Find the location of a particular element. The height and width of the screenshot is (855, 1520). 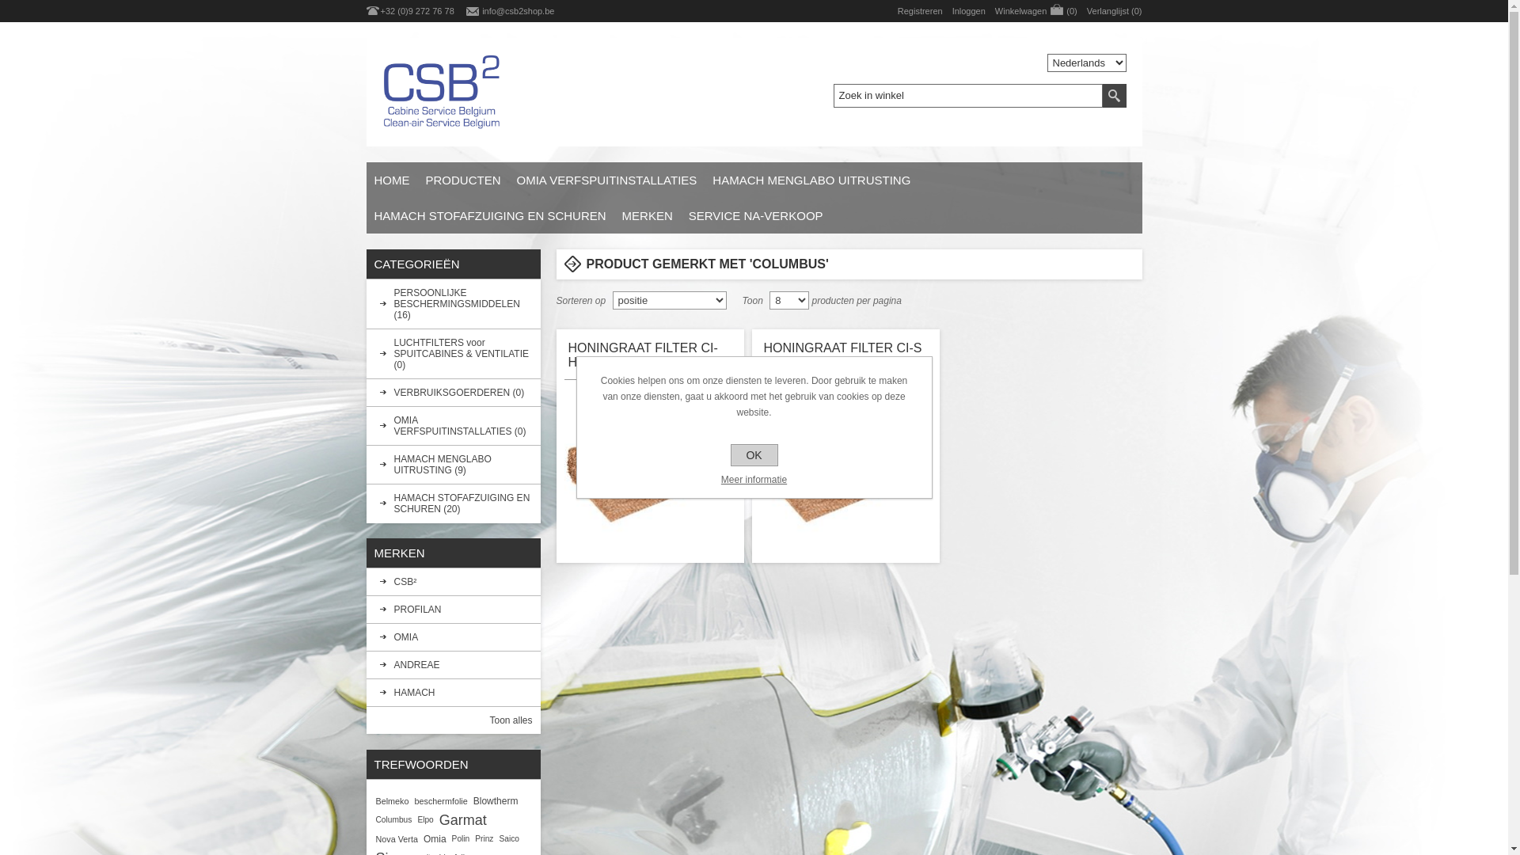

'PERSOONLIJKE BESCHERMINGSMIDDELEN (16)' is located at coordinates (451, 304).